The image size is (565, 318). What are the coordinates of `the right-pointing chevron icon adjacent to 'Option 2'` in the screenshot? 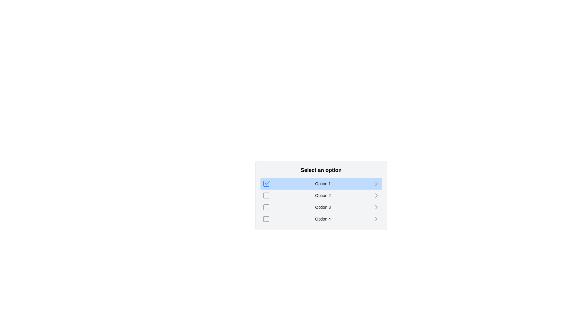 It's located at (376, 195).